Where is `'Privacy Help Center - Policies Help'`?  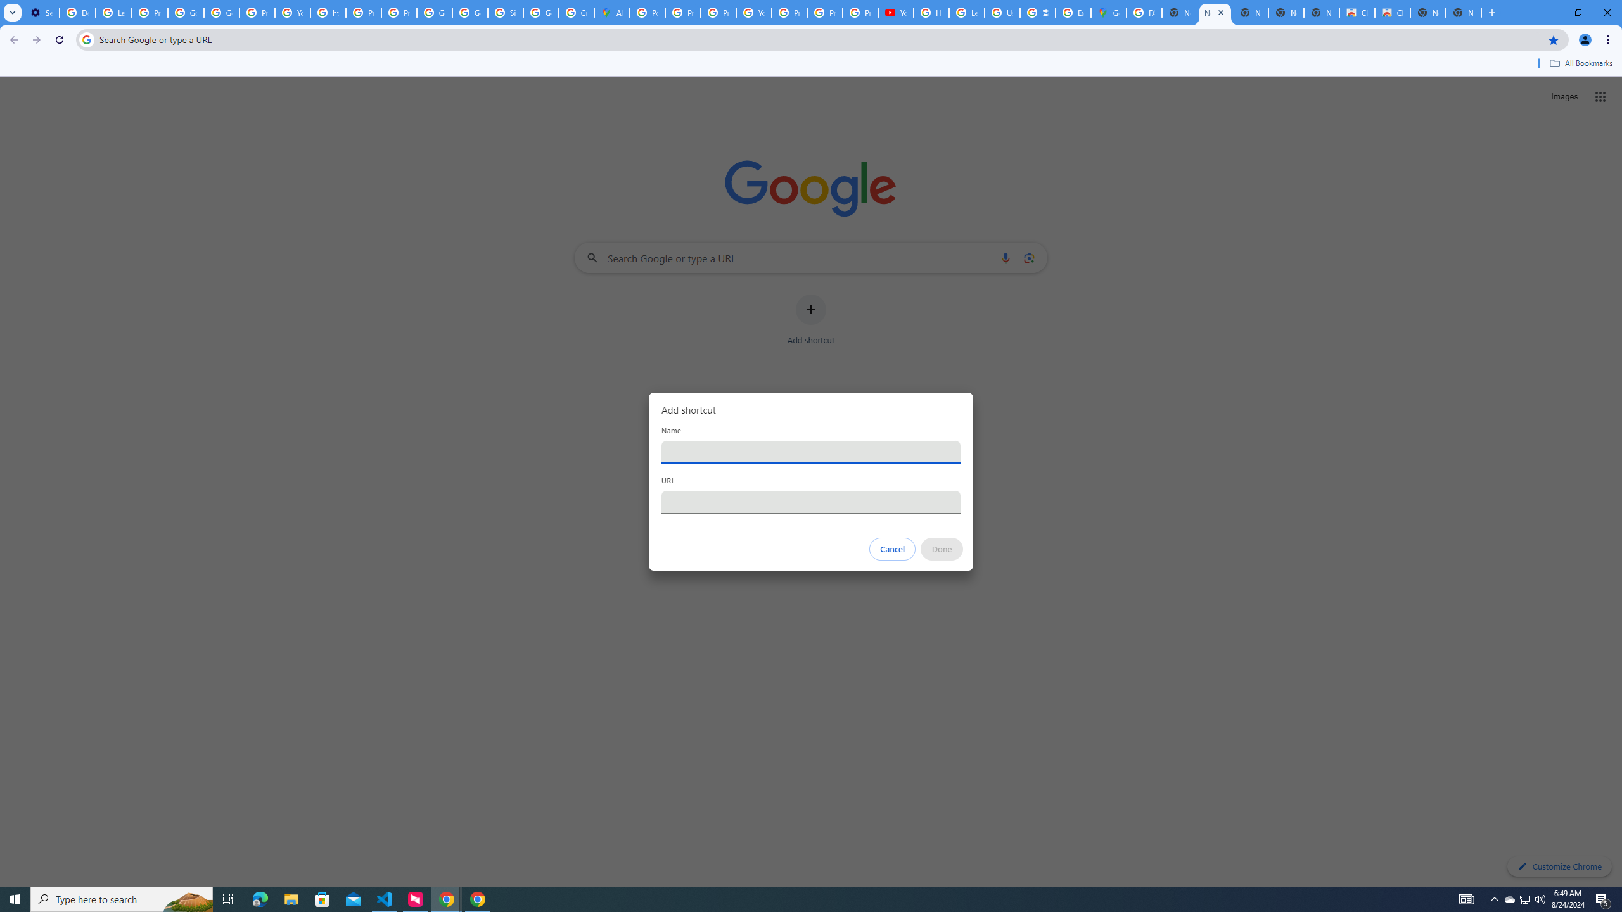 'Privacy Help Center - Policies Help' is located at coordinates (718, 12).